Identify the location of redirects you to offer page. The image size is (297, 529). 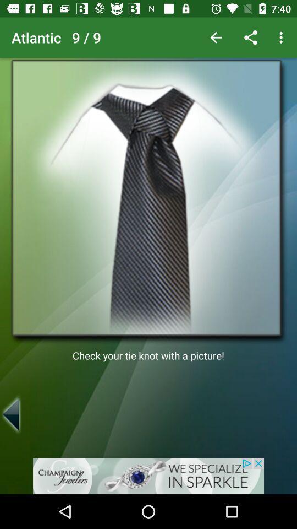
(148, 476).